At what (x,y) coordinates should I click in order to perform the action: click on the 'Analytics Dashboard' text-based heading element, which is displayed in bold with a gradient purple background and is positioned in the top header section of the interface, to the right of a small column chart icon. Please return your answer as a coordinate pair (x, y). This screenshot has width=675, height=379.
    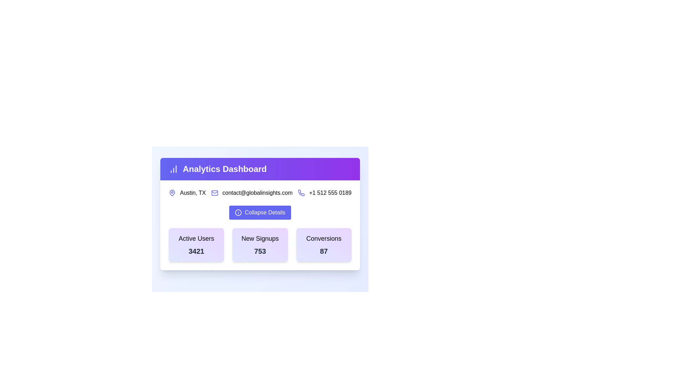
    Looking at the image, I should click on (259, 169).